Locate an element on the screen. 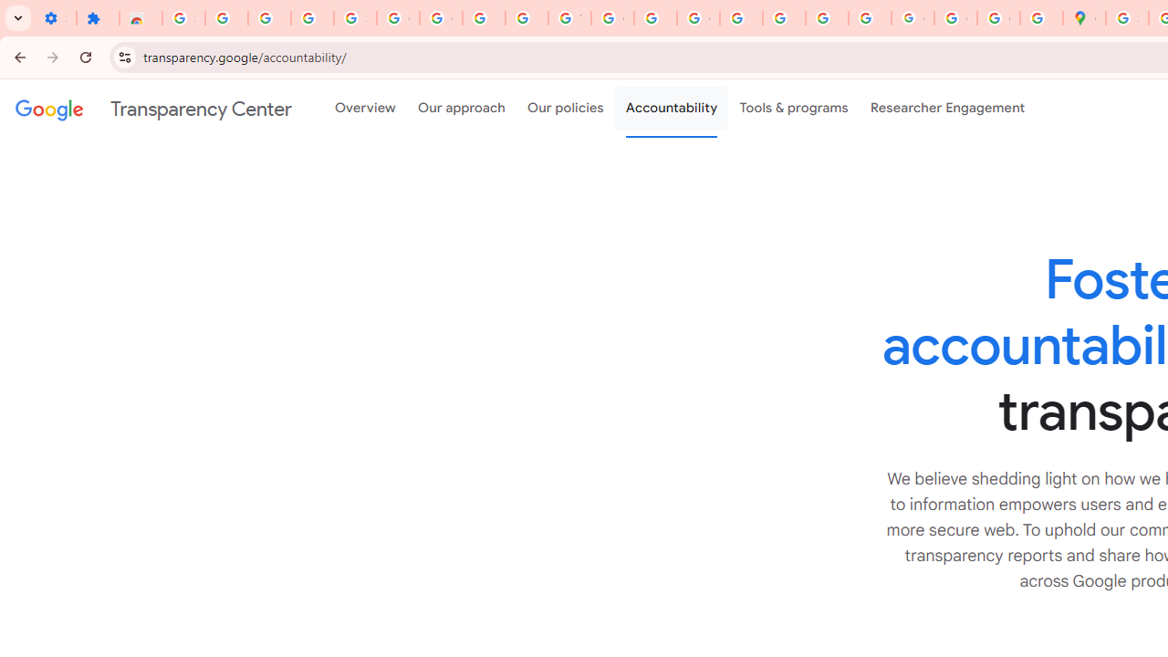 Image resolution: width=1168 pixels, height=657 pixels. 'Reviews: Helix Fruit Jump Arcade Game' is located at coordinates (140, 18).